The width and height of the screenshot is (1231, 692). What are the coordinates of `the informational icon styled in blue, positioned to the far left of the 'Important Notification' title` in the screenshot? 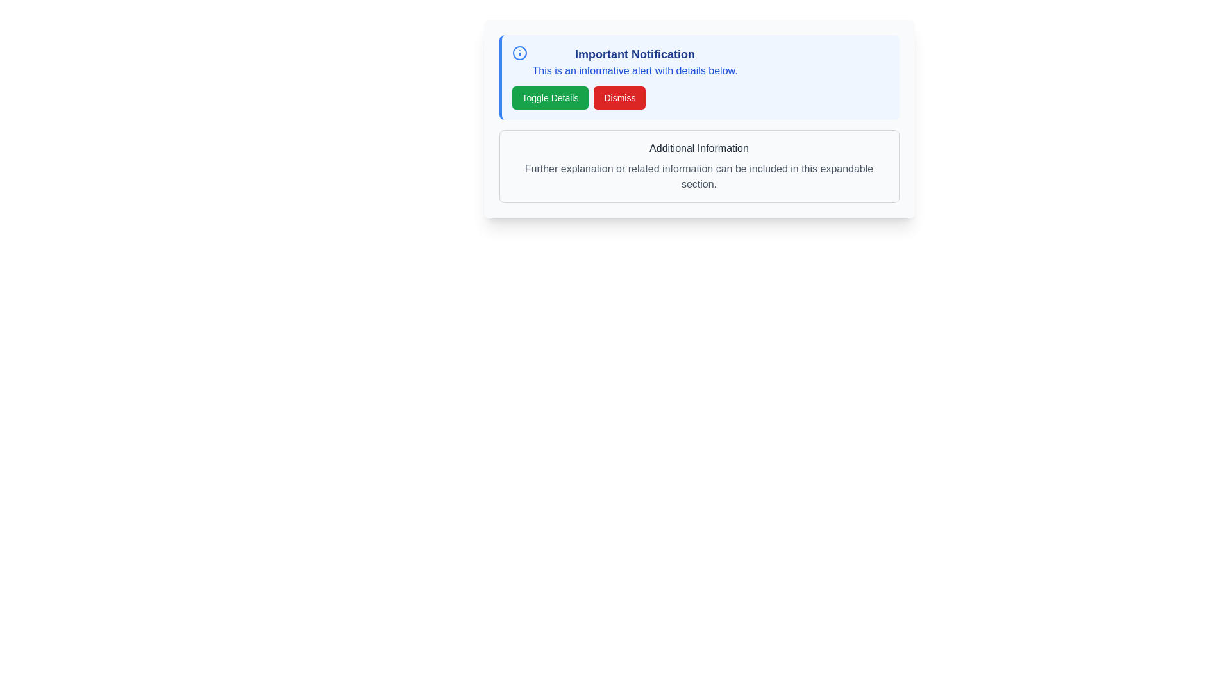 It's located at (519, 53).